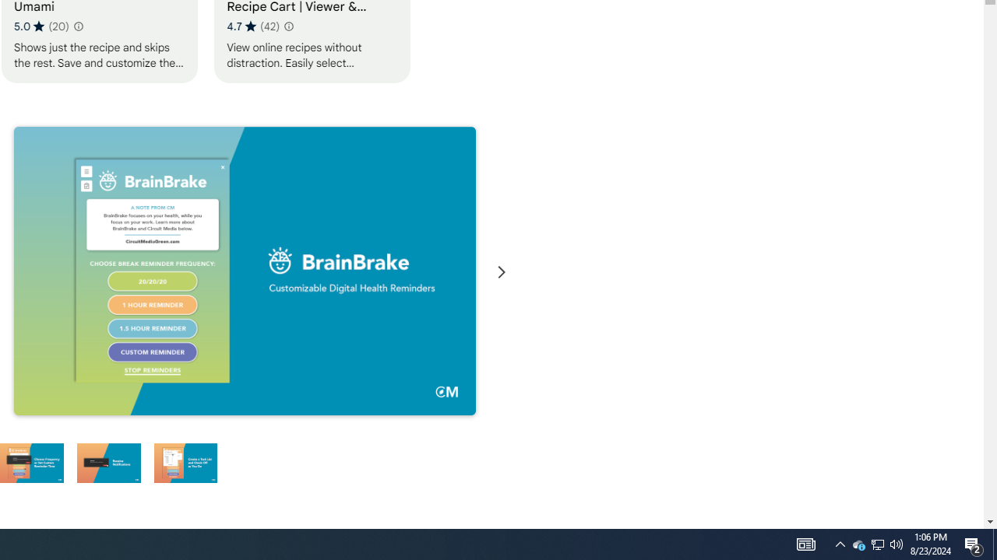  Describe the element at coordinates (41, 26) in the screenshot. I see `'Average rating 5 out of 5 stars. 20 ratings.'` at that location.